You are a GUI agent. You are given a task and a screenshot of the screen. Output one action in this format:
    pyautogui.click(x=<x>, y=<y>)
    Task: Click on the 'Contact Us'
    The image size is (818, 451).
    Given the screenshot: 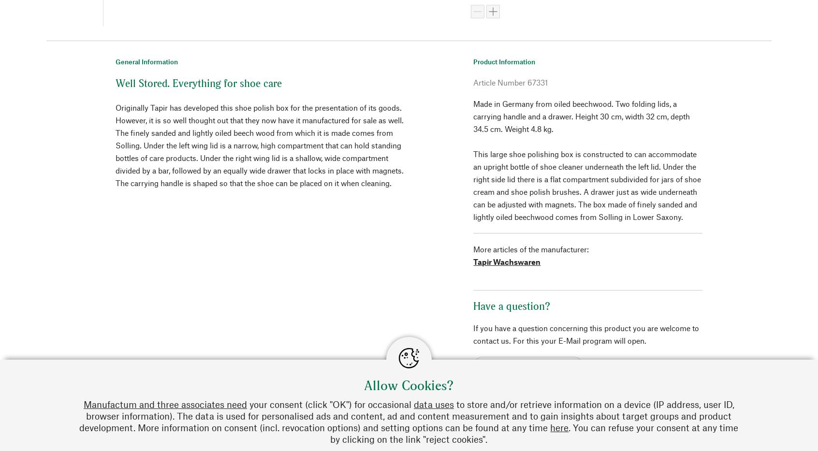 What is the action you would take?
    pyautogui.click(x=653, y=419)
    